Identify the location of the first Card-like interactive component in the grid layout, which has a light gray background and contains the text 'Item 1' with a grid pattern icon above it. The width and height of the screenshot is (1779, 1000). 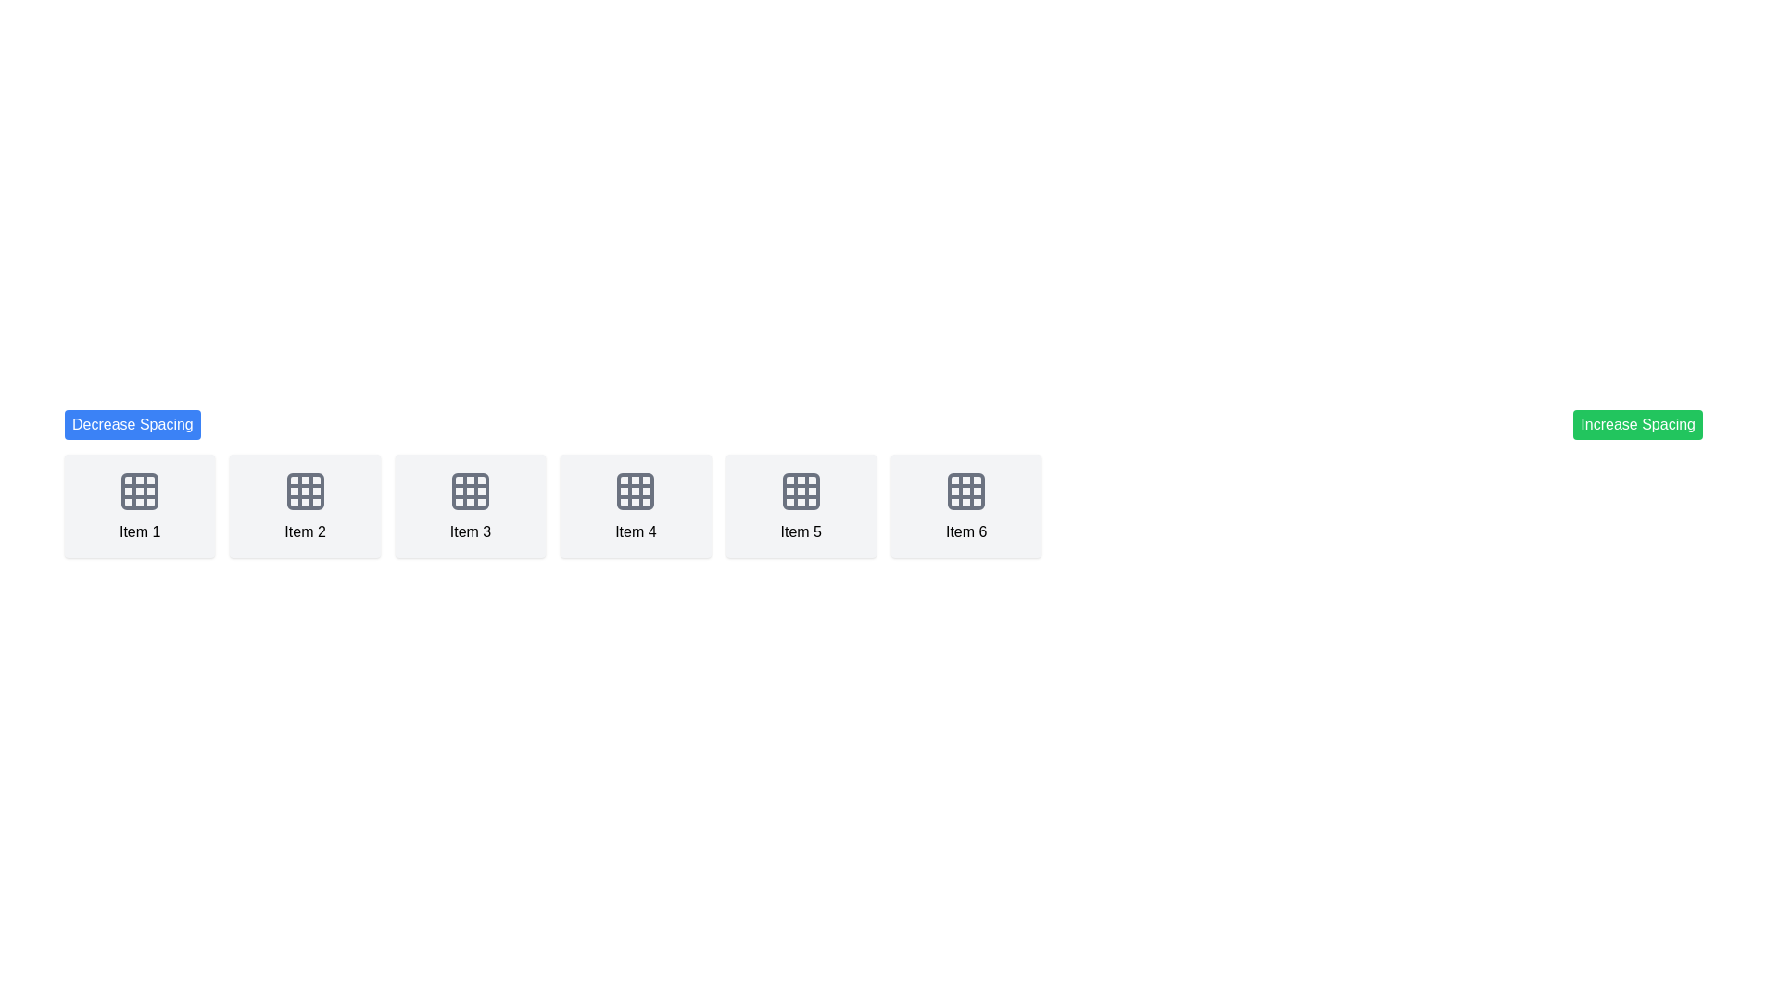
(139, 506).